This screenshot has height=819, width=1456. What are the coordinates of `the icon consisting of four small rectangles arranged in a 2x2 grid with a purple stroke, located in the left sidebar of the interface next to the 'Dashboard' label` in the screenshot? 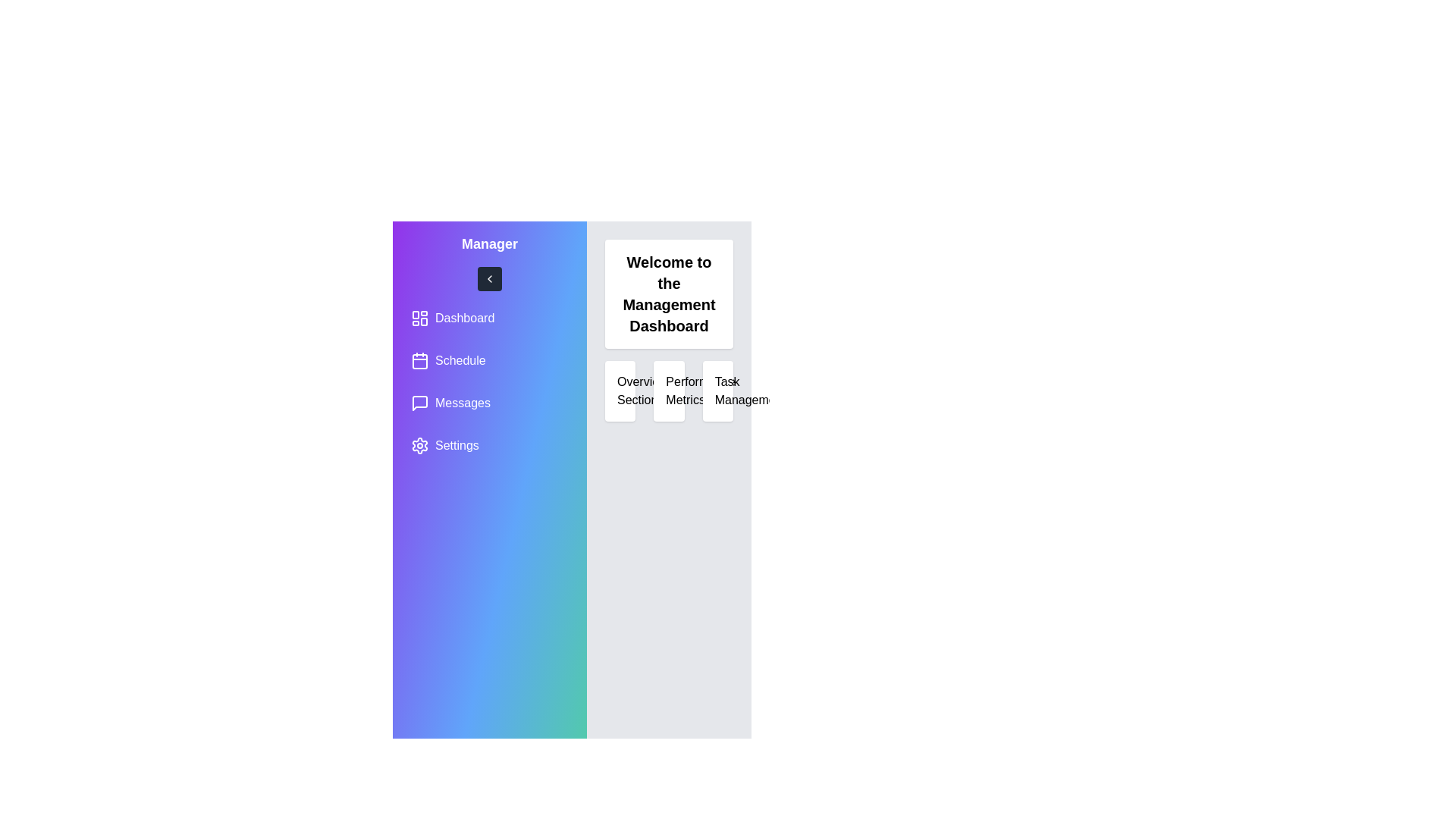 It's located at (419, 318).